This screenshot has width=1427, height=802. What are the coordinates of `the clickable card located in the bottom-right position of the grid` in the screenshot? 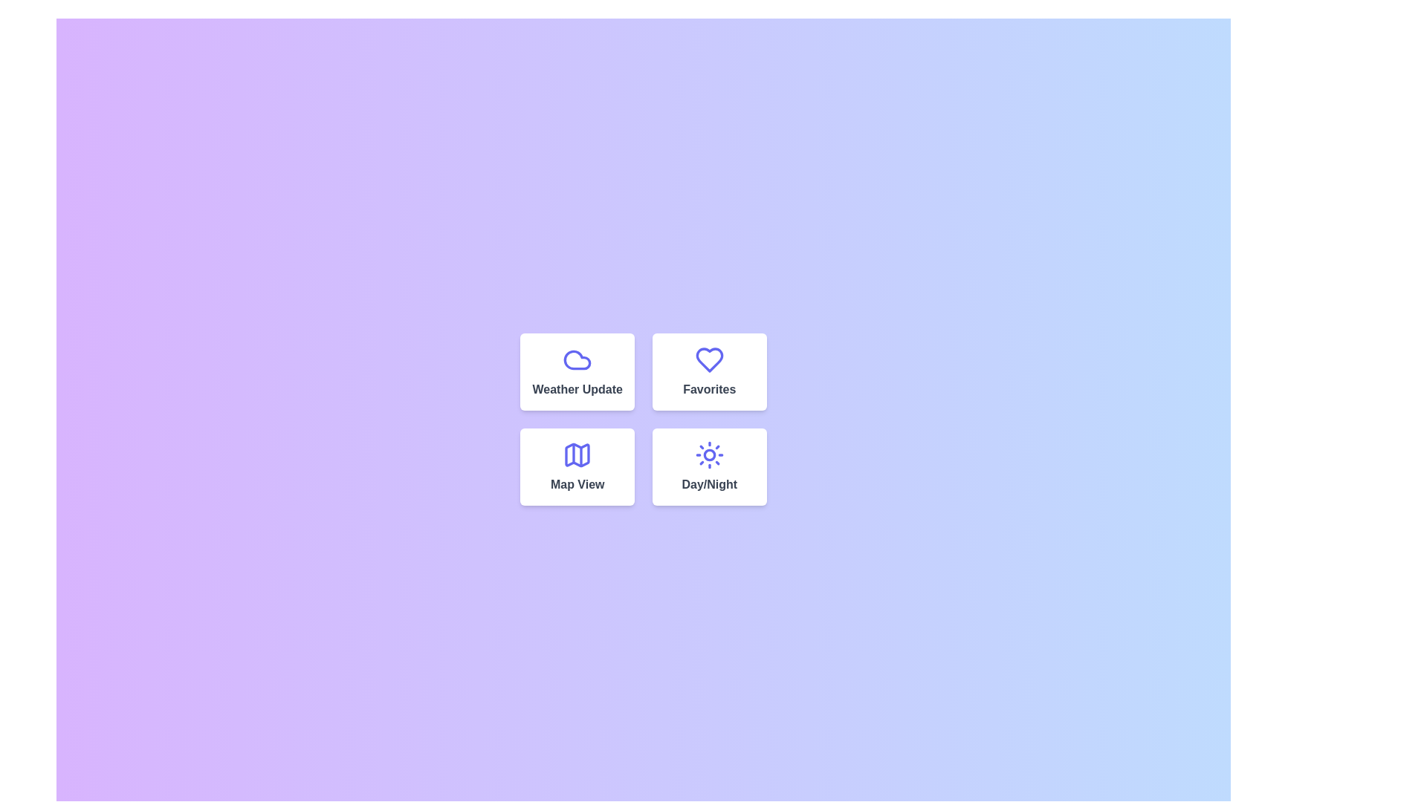 It's located at (708, 466).